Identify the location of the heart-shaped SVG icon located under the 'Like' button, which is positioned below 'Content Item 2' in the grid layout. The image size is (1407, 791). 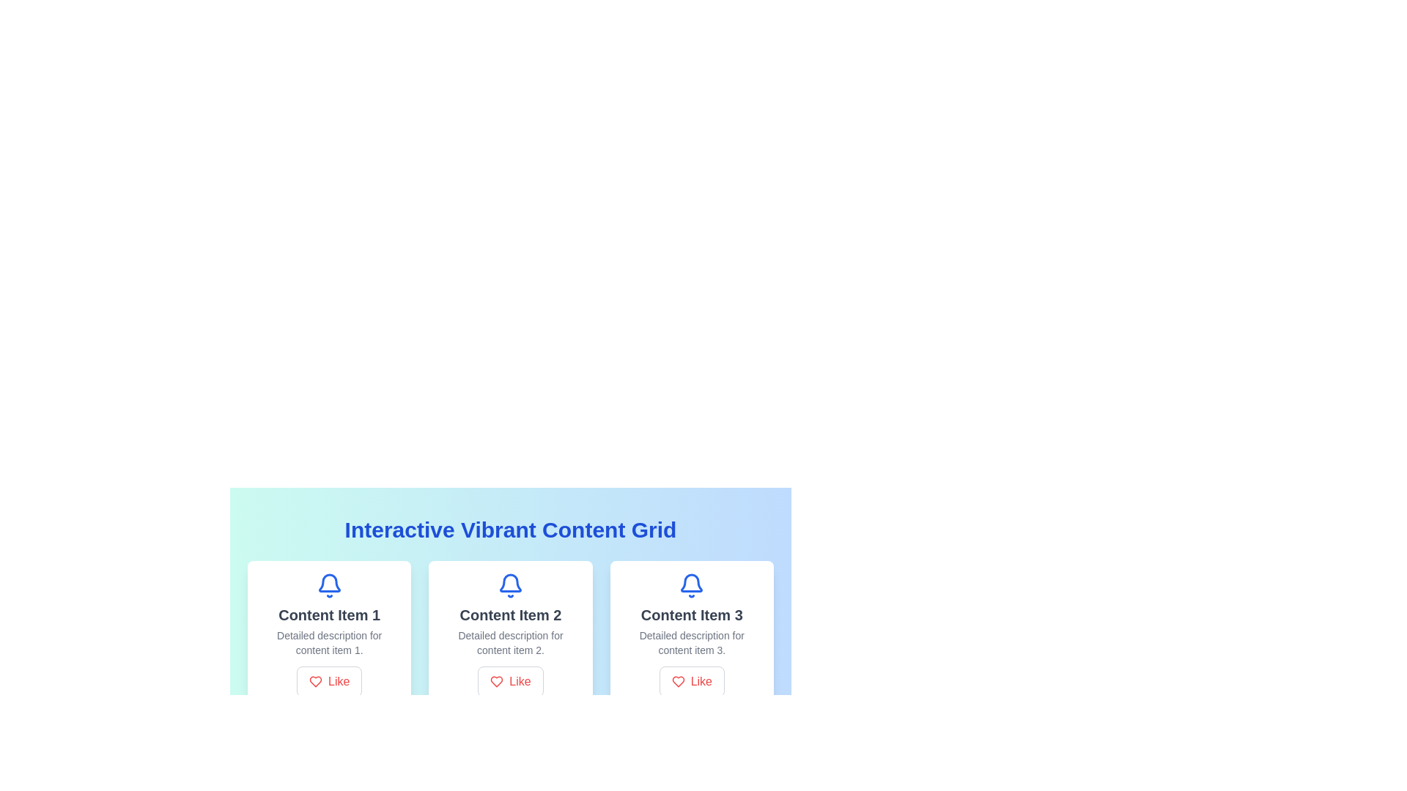
(315, 681).